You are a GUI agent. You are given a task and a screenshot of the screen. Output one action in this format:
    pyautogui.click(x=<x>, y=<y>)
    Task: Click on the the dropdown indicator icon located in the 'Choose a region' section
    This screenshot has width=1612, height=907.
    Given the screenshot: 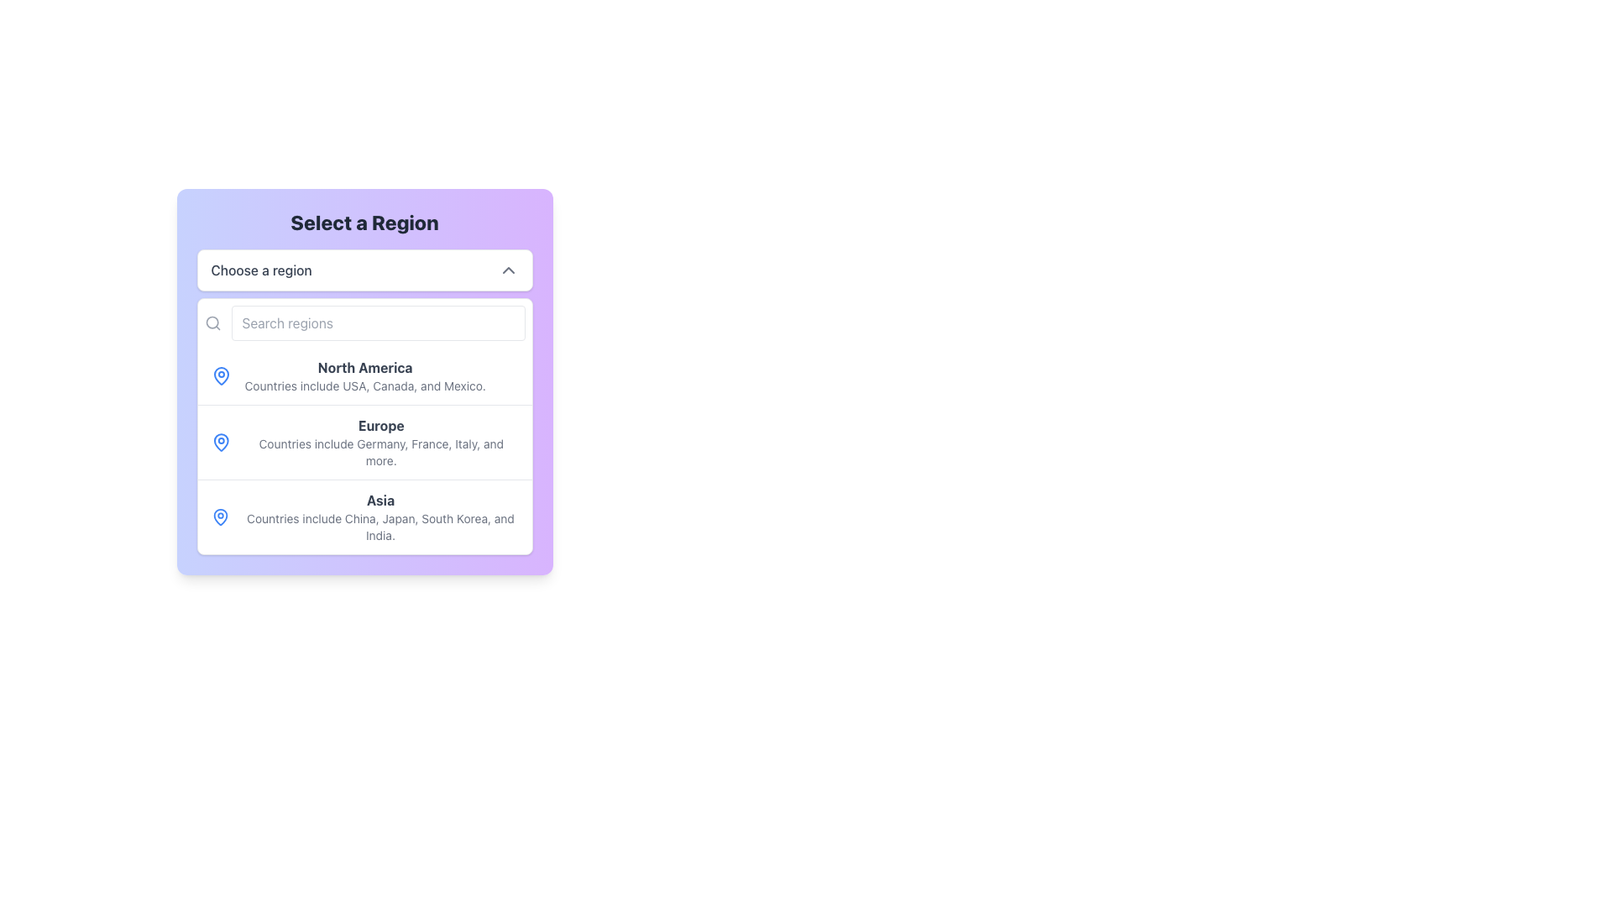 What is the action you would take?
    pyautogui.click(x=507, y=269)
    